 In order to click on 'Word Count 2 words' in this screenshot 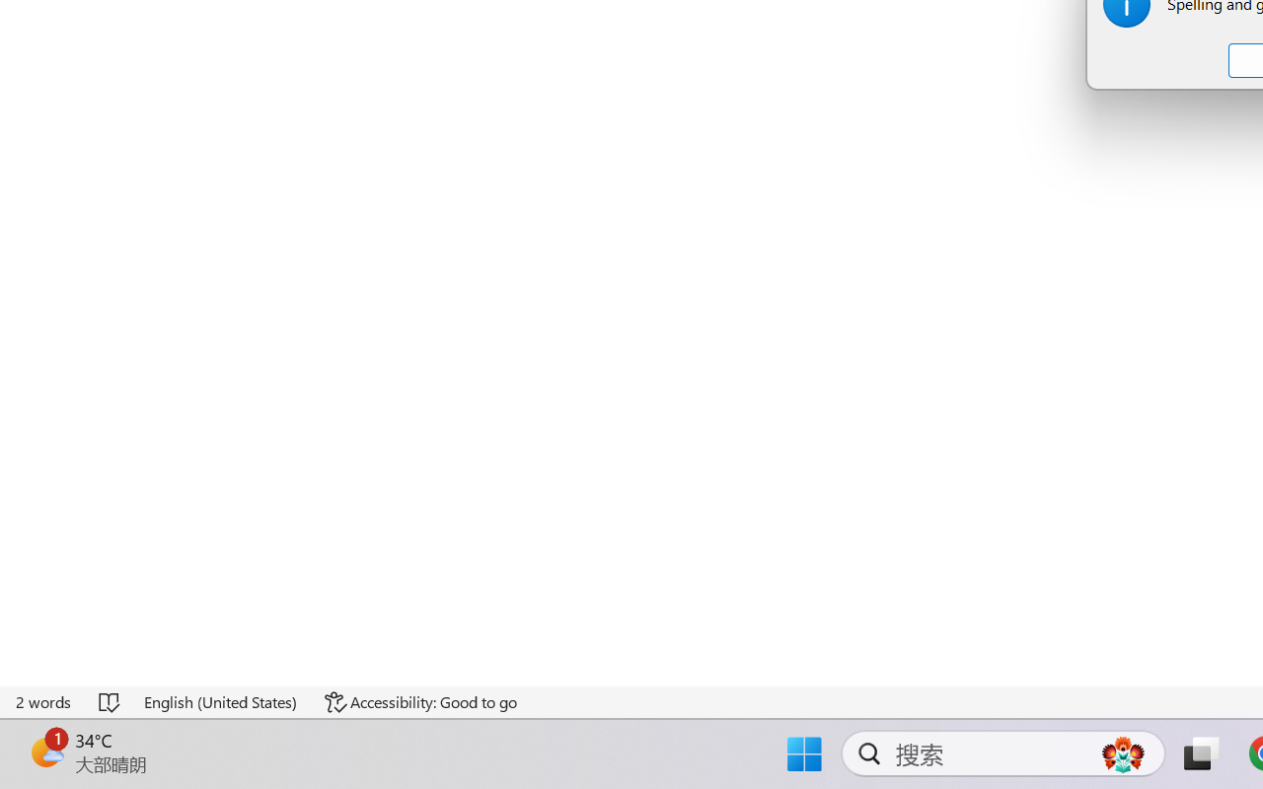, I will do `click(44, 701)`.